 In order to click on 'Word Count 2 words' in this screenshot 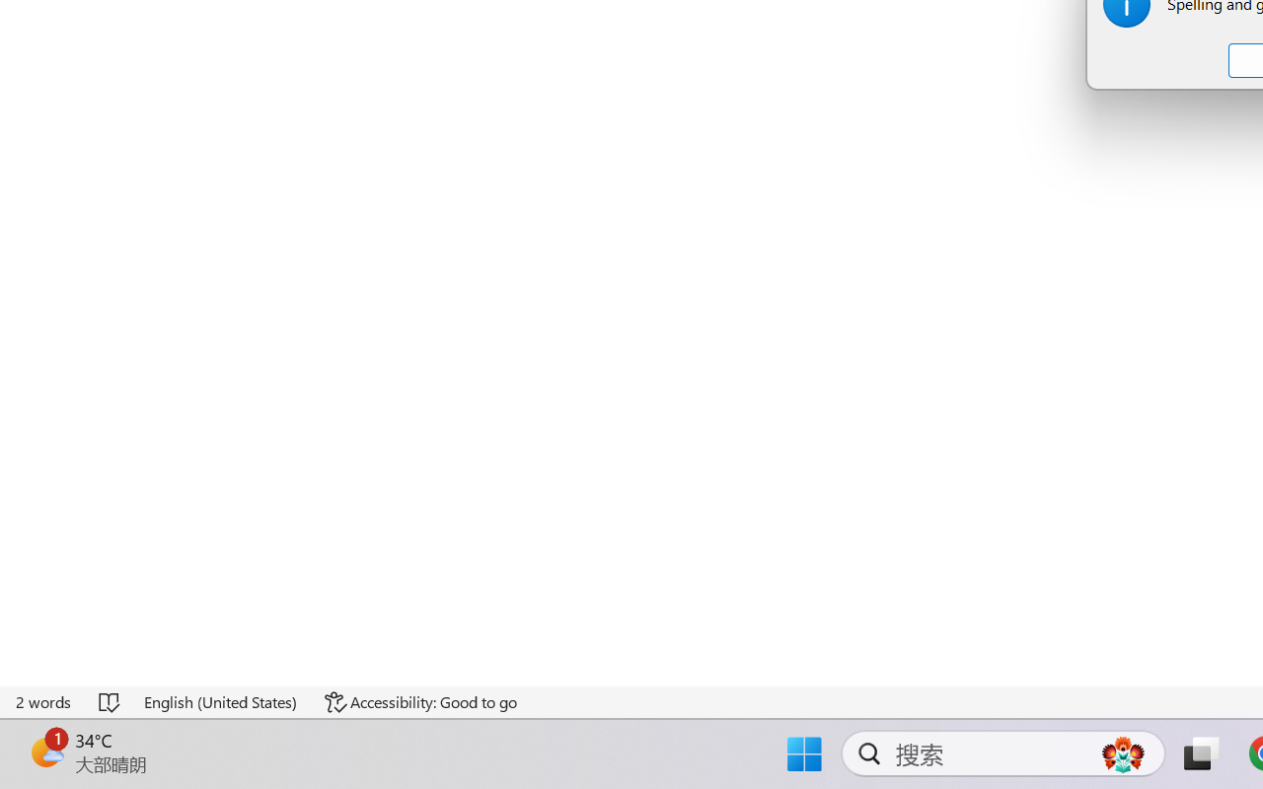, I will do `click(44, 701)`.